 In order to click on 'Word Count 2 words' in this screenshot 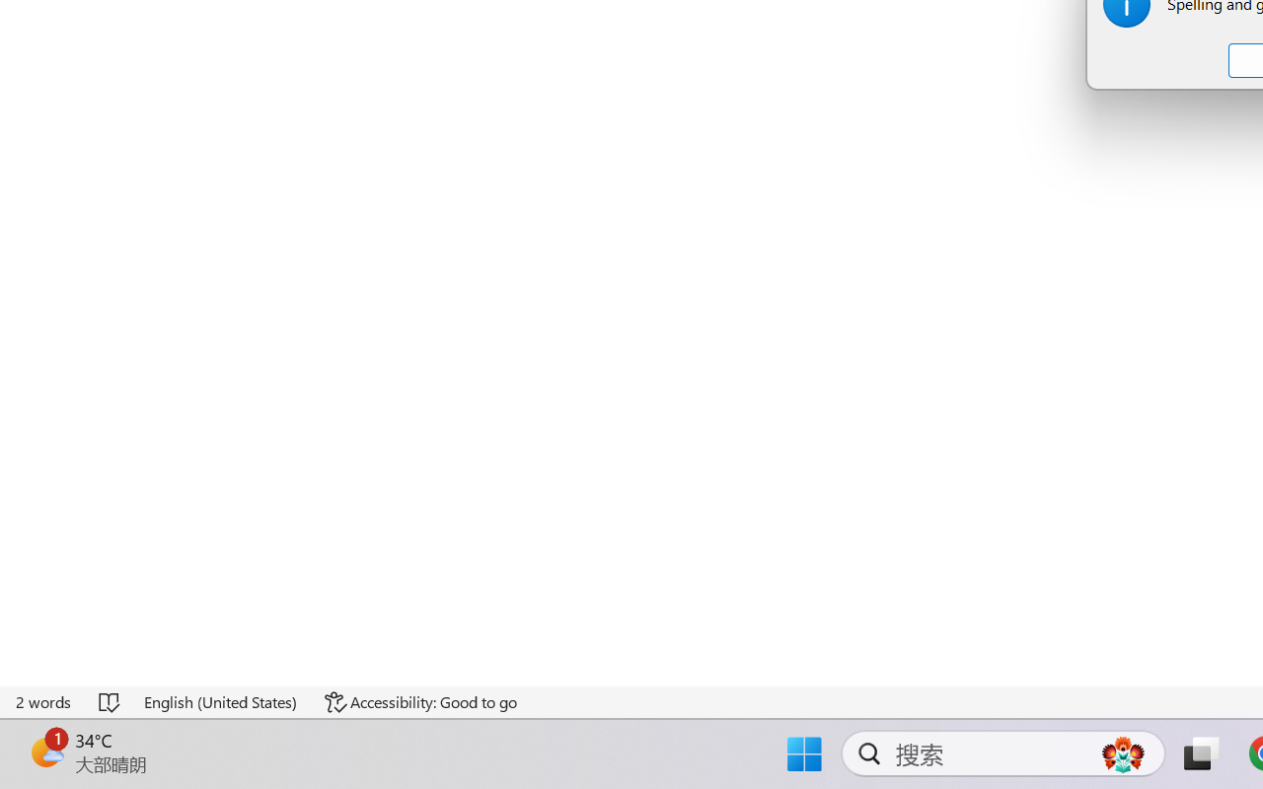, I will do `click(44, 701)`.